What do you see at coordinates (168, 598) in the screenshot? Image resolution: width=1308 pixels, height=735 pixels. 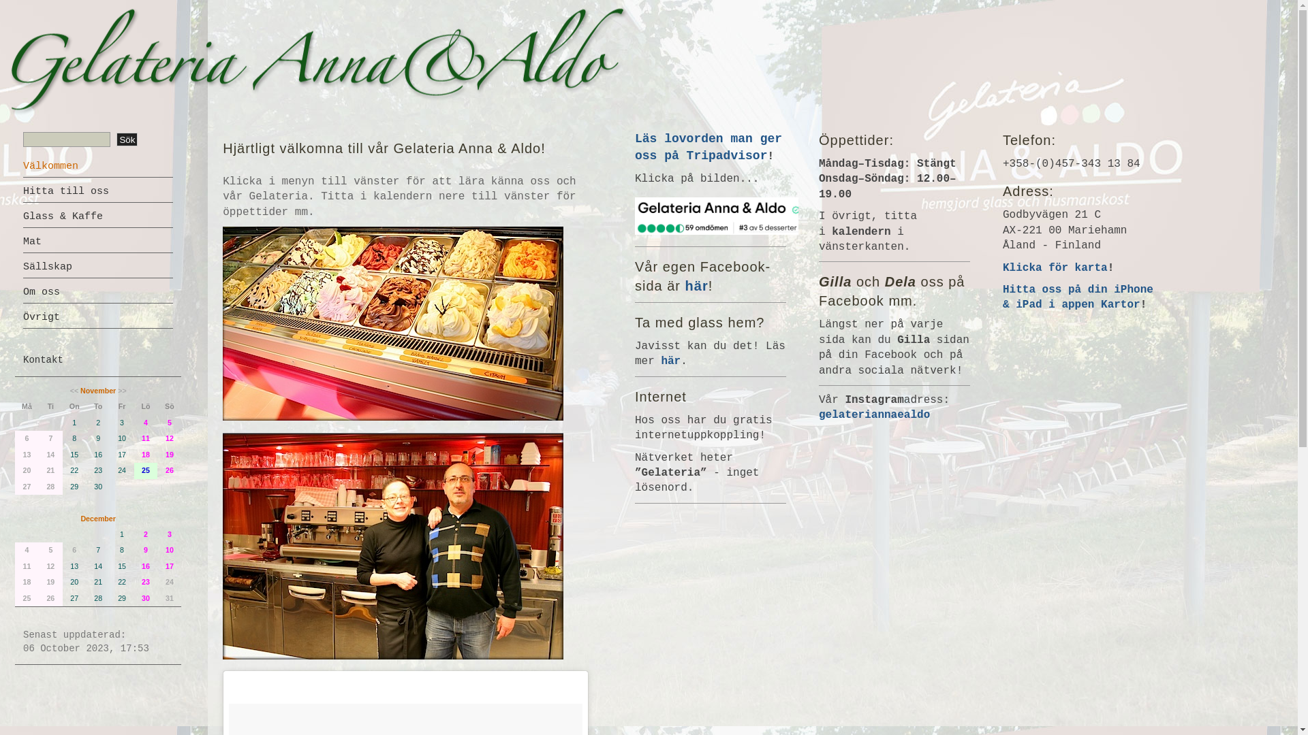 I see `'31'` at bounding box center [168, 598].